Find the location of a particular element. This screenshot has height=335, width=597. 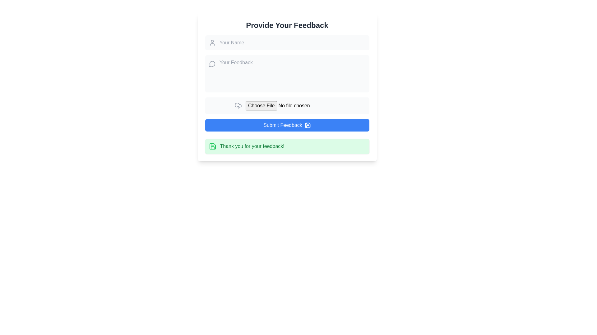

the feedback submission button located directly below the file input area to observe potential UI effects is located at coordinates (287, 125).